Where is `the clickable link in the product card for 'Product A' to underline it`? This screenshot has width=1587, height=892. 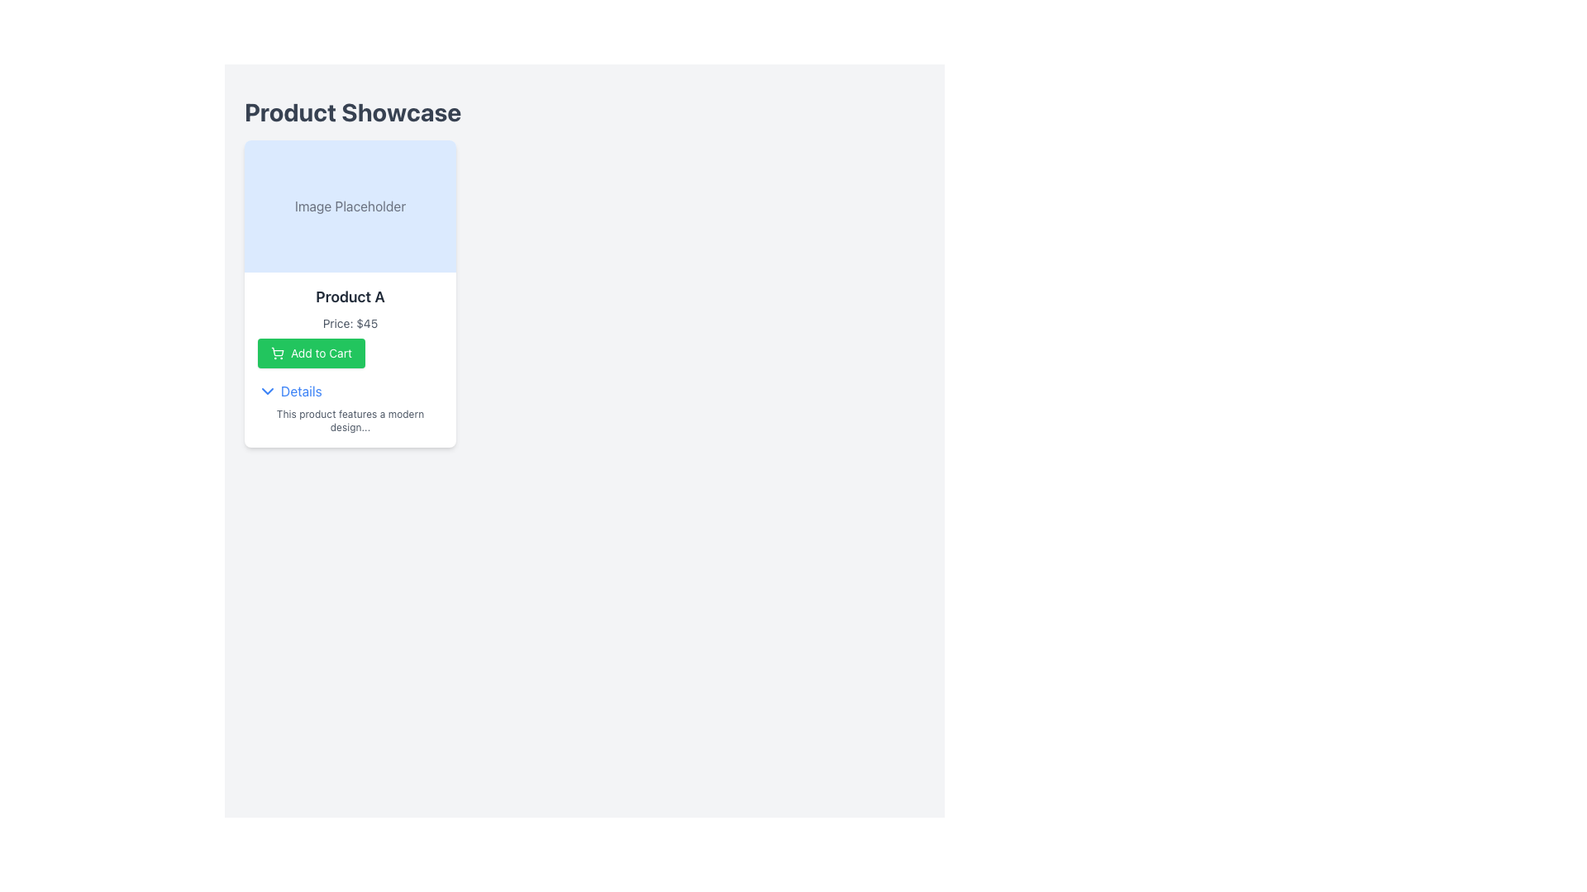
the clickable link in the product card for 'Product A' to underline it is located at coordinates (289, 391).